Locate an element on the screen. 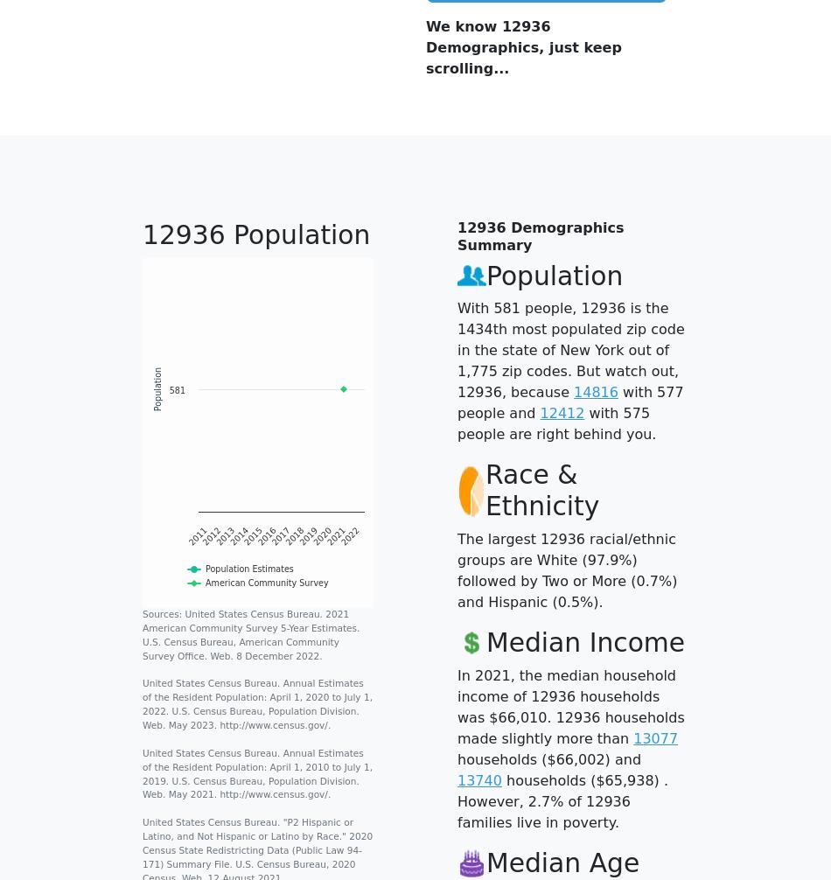 Image resolution: width=831 pixels, height=880 pixels. 'YES! I want a Demographics By Zip Code Report for New York!' is located at coordinates (566, 281).